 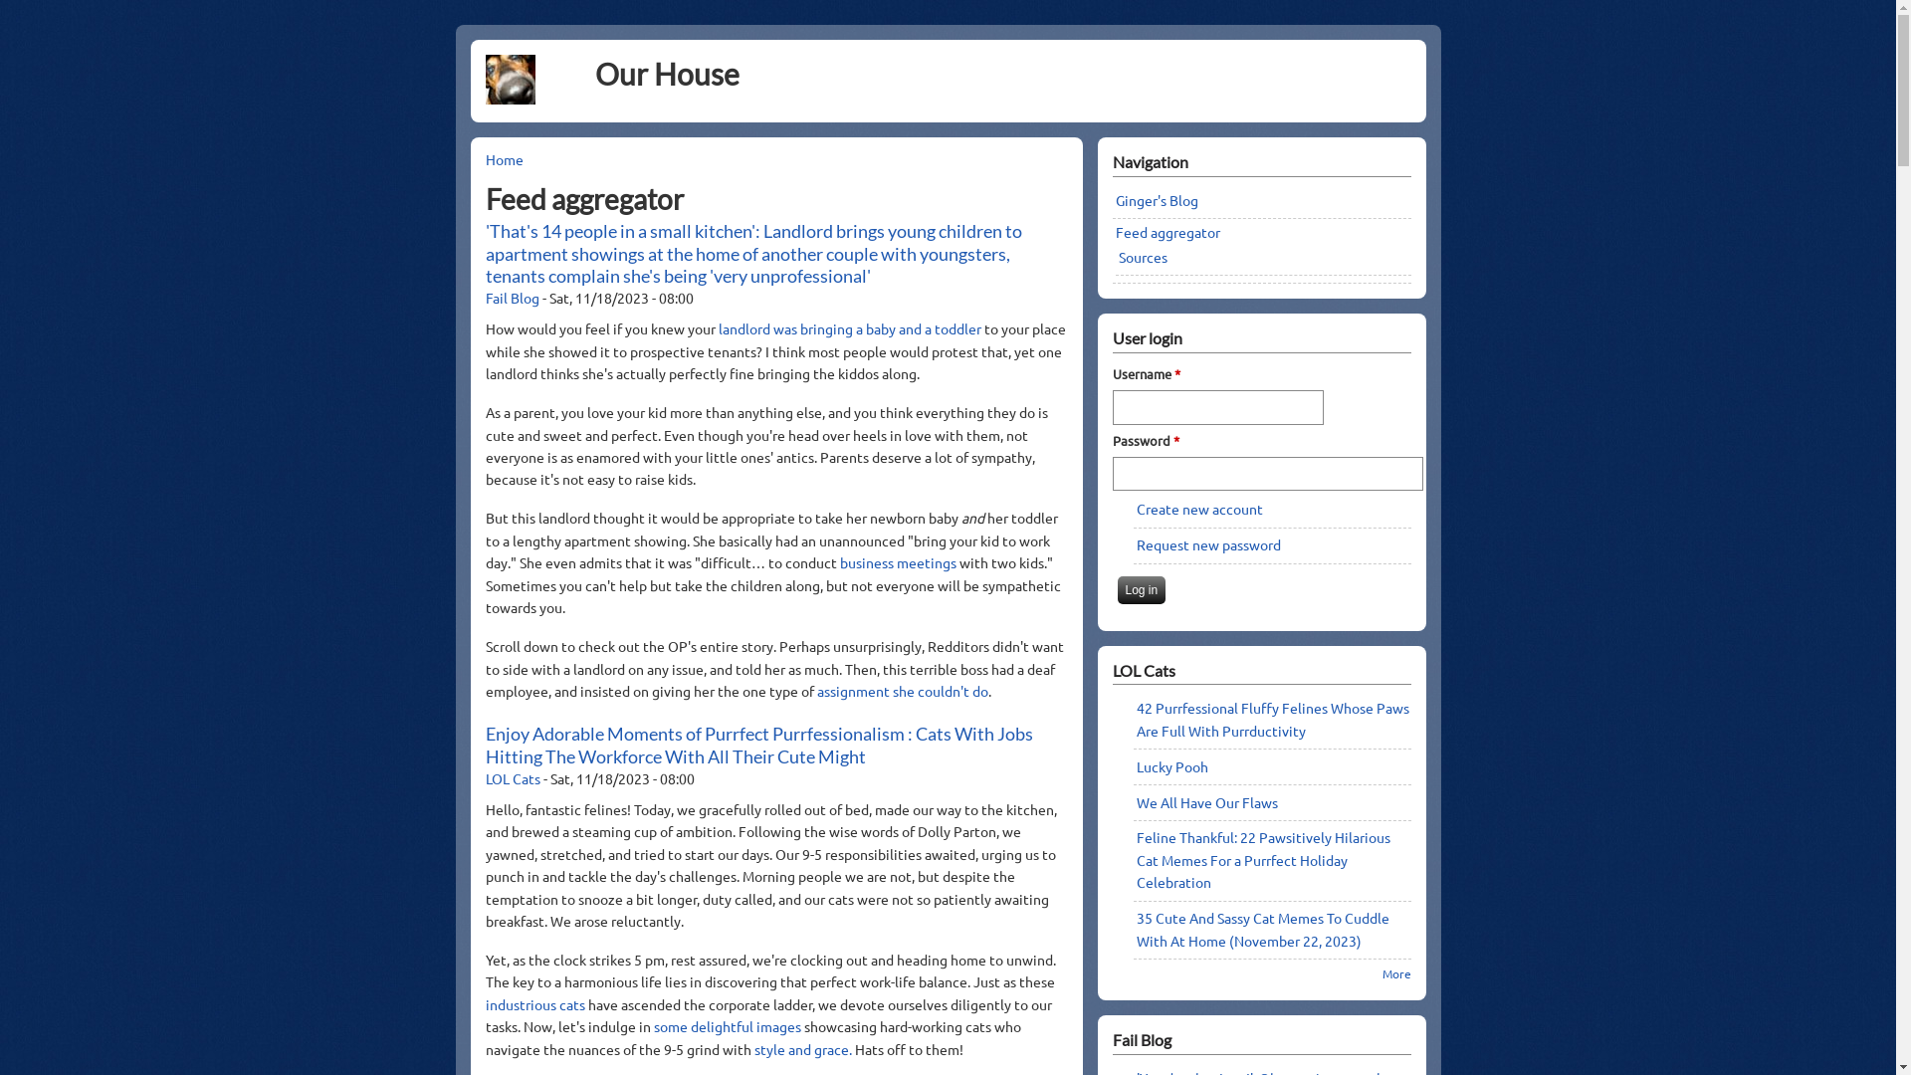 I want to click on 'Home', so click(x=505, y=157).